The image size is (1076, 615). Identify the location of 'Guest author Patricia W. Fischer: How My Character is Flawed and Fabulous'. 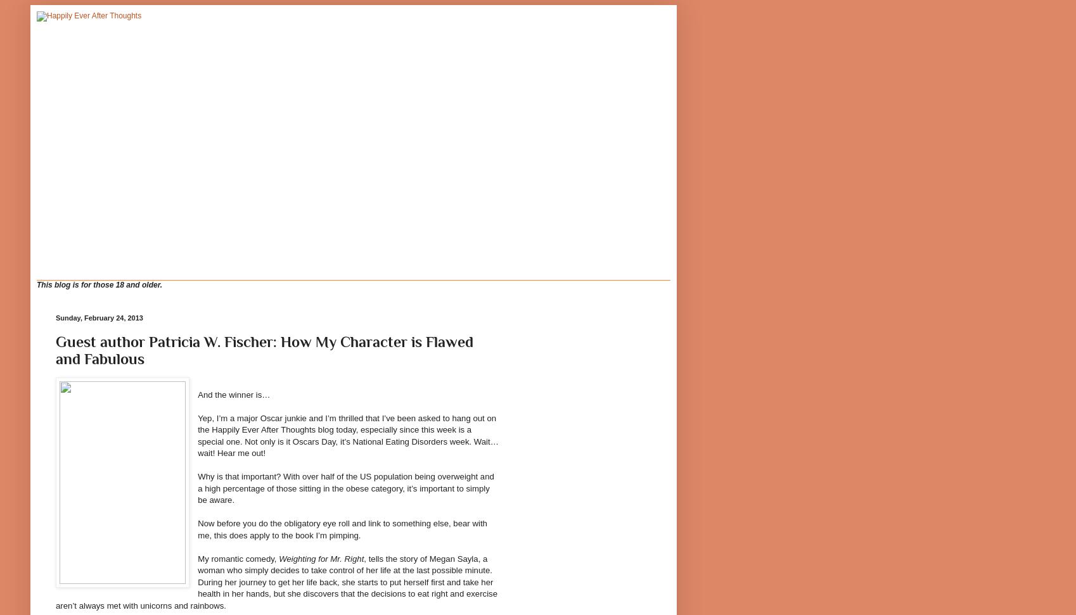
(54, 350).